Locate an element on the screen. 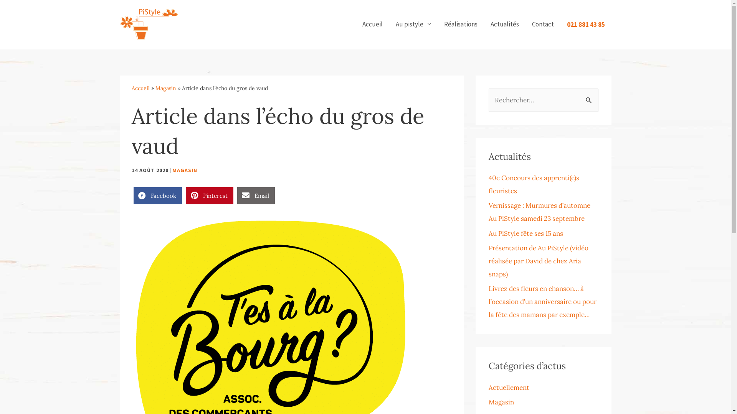 The image size is (737, 414). 'MAGASIN' is located at coordinates (184, 169).